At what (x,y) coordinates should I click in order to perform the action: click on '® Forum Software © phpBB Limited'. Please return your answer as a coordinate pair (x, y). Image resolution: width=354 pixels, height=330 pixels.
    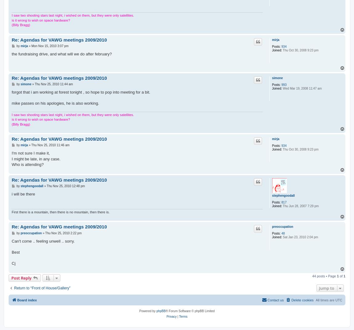
    Looking at the image, I should click on (190, 311).